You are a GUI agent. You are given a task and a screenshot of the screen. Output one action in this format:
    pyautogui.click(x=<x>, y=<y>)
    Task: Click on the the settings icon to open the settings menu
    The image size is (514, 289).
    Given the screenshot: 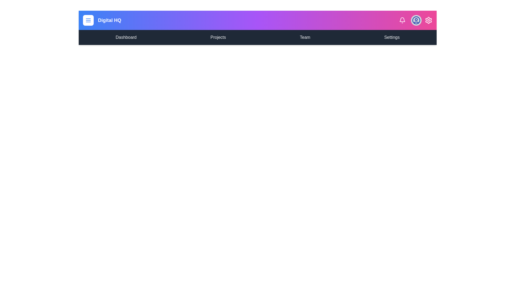 What is the action you would take?
    pyautogui.click(x=429, y=20)
    